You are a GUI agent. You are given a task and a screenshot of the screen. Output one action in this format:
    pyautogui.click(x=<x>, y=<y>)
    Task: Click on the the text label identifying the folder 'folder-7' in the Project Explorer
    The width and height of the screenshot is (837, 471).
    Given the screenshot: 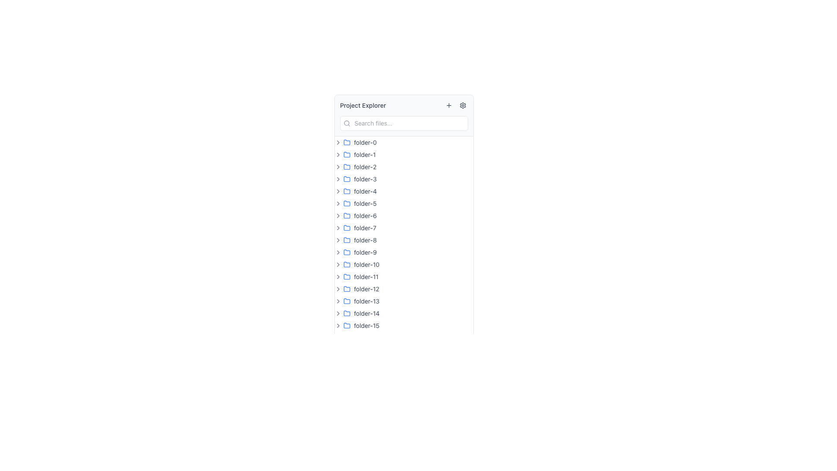 What is the action you would take?
    pyautogui.click(x=365, y=228)
    